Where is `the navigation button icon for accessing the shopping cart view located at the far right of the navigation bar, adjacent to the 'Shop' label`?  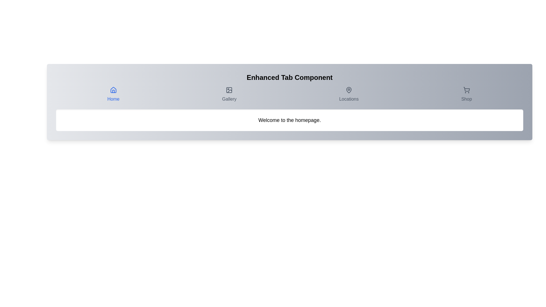 the navigation button icon for accessing the shopping cart view located at the far right of the navigation bar, adjacent to the 'Shop' label is located at coordinates (466, 89).